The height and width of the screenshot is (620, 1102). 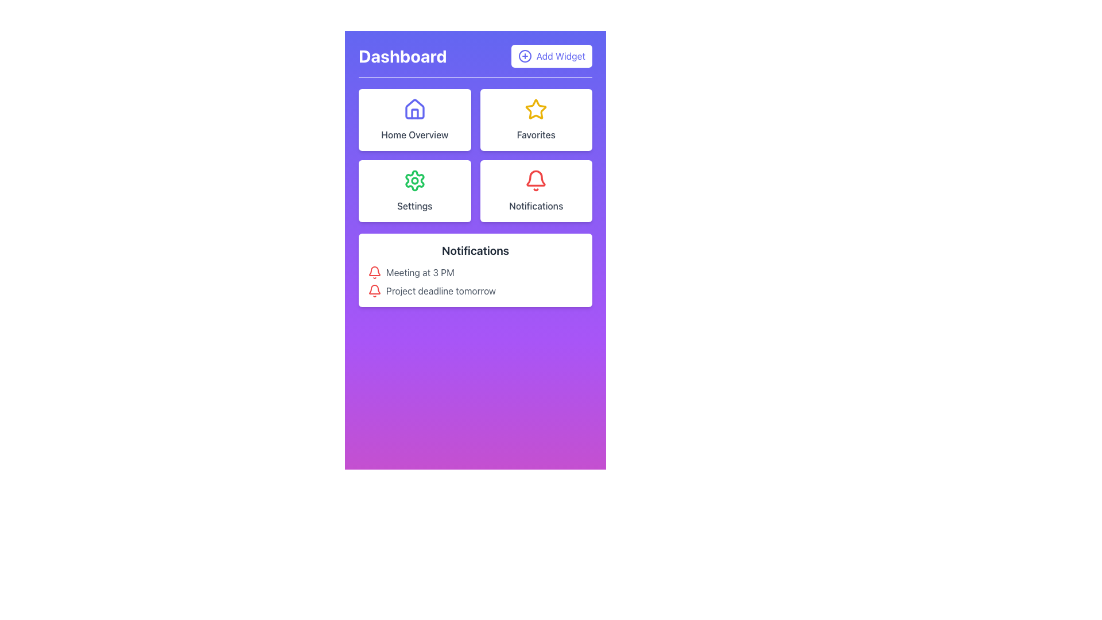 I want to click on the icon button located at the top-right corner of the dashboard interface, just to the right of the word 'Dashboard', so click(x=524, y=56).